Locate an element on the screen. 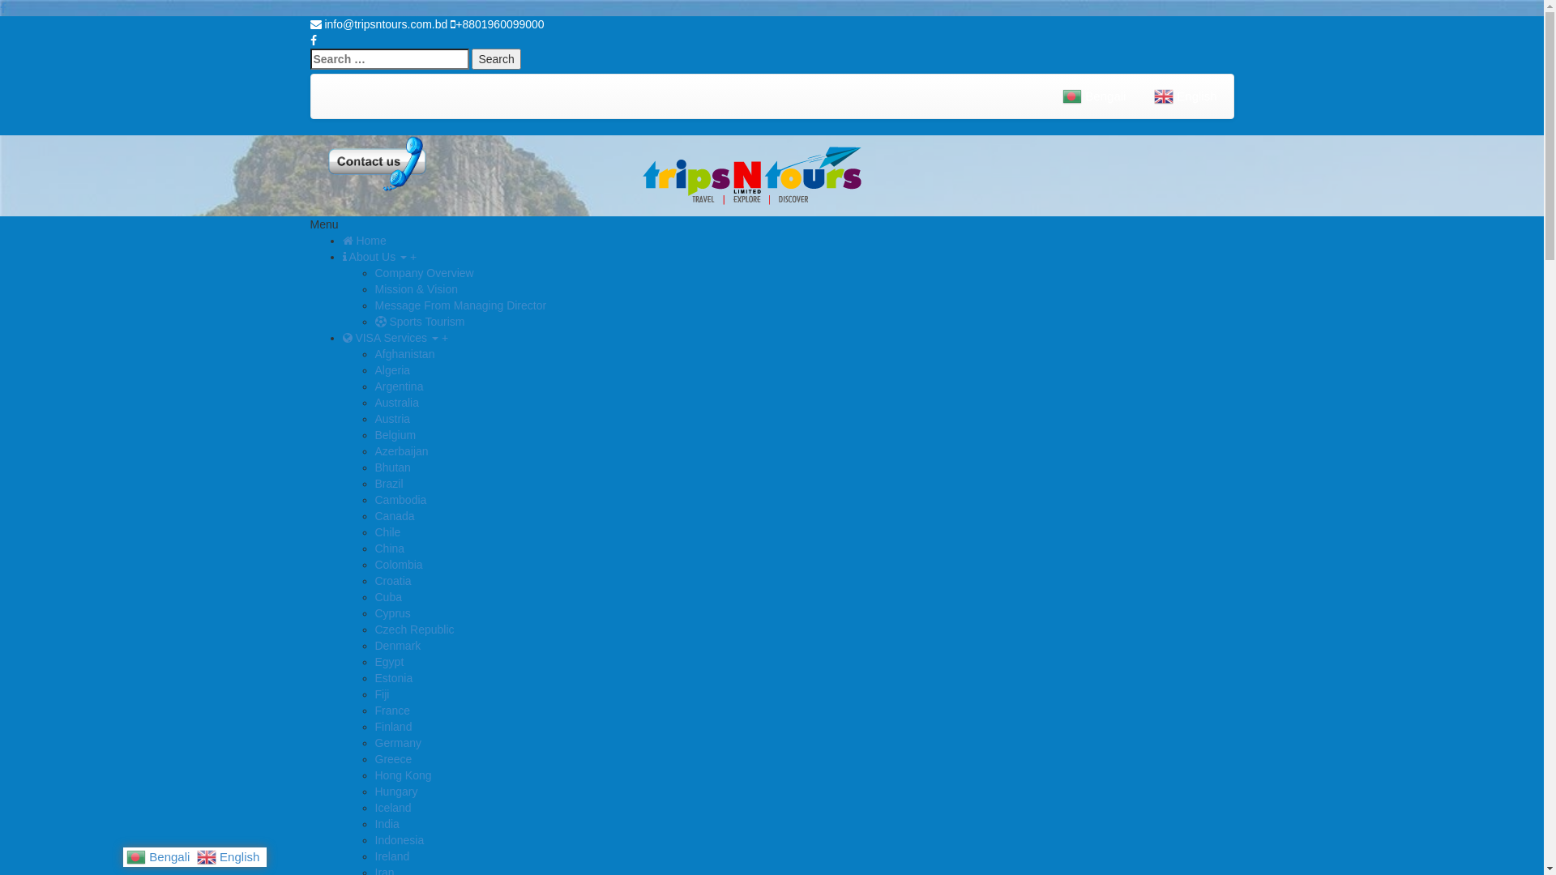  'Croatia' is located at coordinates (373, 580).